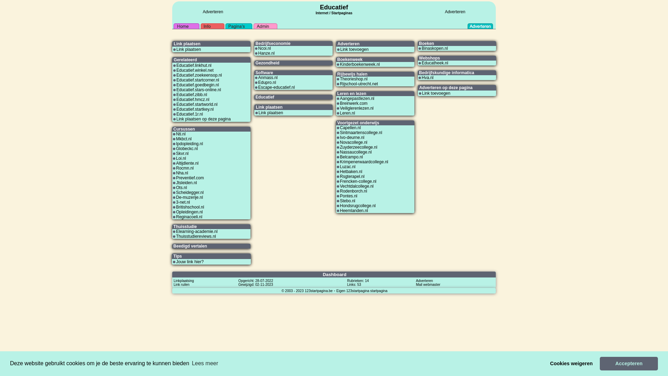 The width and height of the screenshot is (668, 376). Describe the element at coordinates (176, 49) in the screenshot. I see `'Link plaatsen'` at that location.